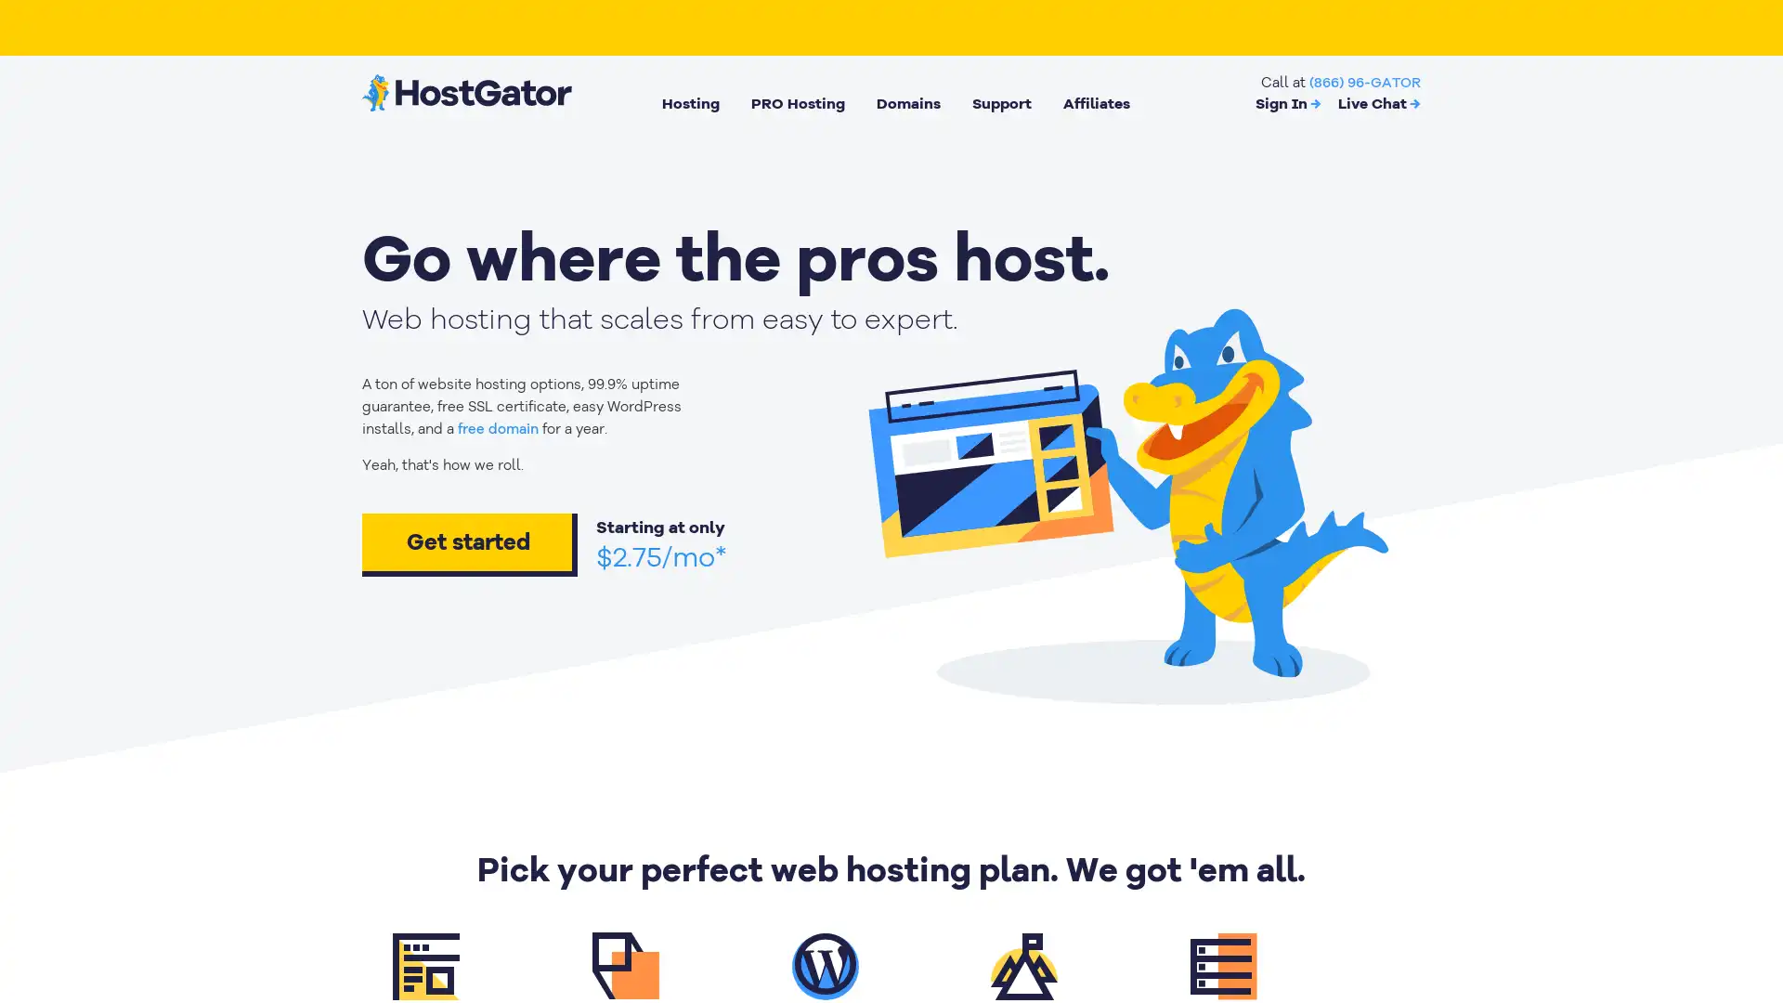 This screenshot has height=1003, width=1783. I want to click on free domain, so click(498, 429).